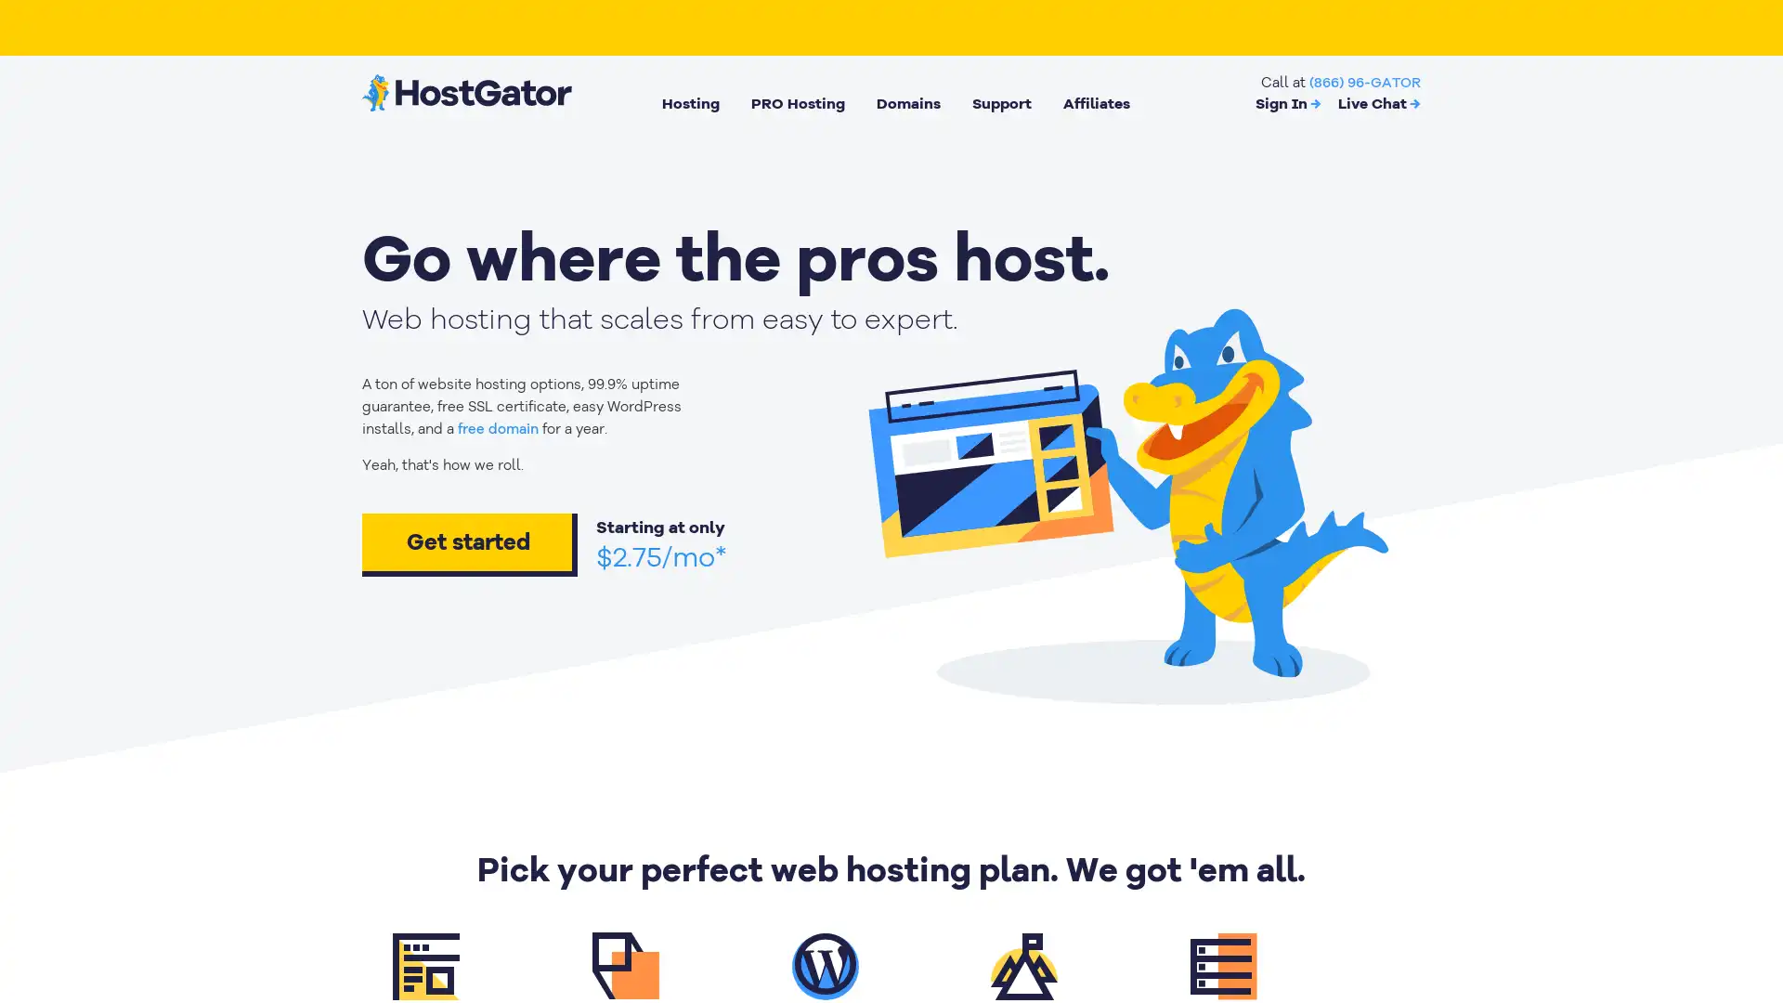 This screenshot has height=1003, width=1783. I want to click on free domain, so click(498, 429).